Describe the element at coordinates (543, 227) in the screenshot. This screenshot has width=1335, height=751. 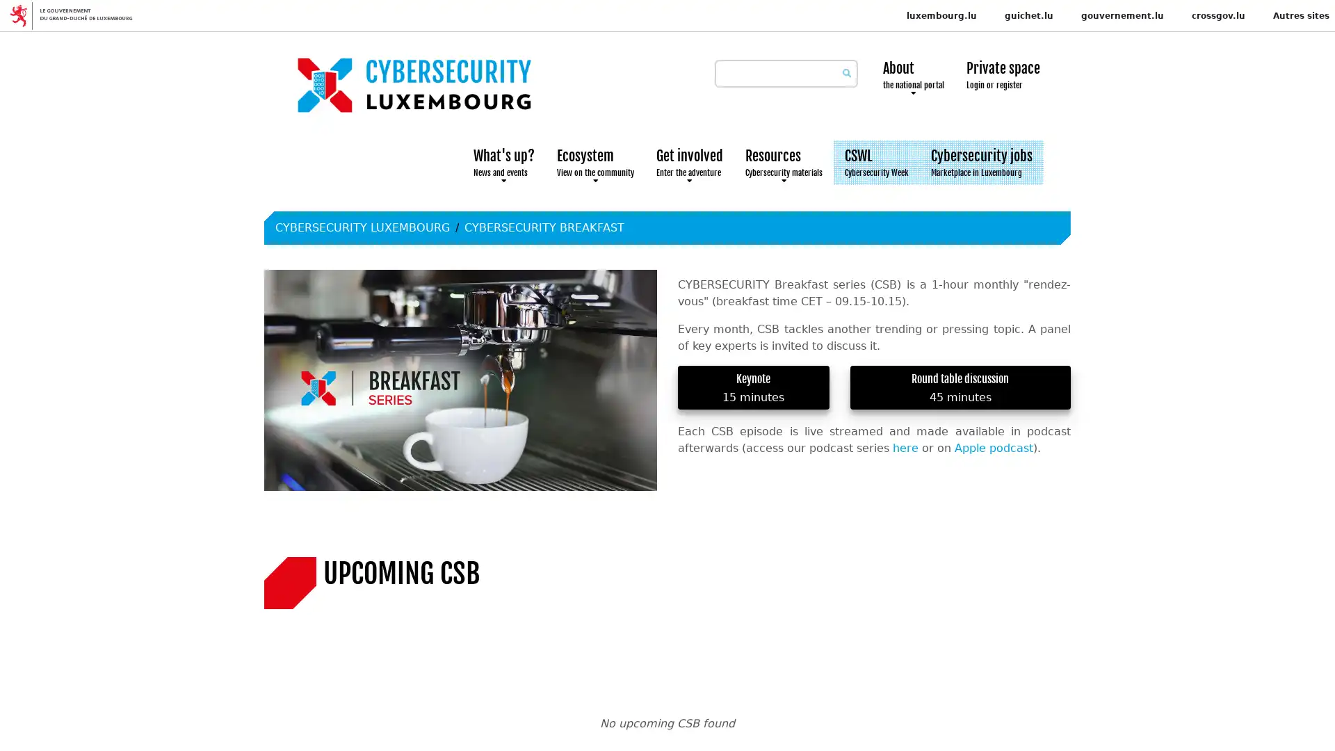
I see `CYBERSECURITY BREAKFAST` at that location.